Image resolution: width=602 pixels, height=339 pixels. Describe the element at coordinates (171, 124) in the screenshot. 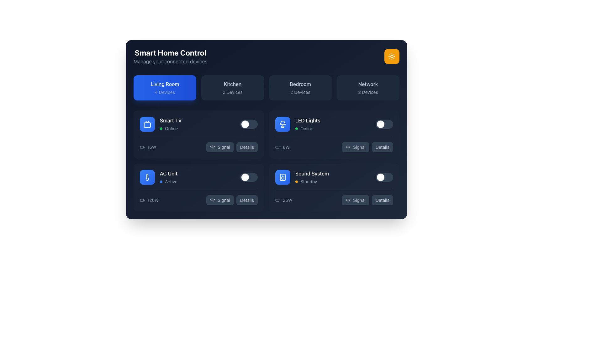

I see `the Text label indicating 'Smart TV' status 'Online' located on the right side of the TV icon in the 'Living Room' section` at that location.